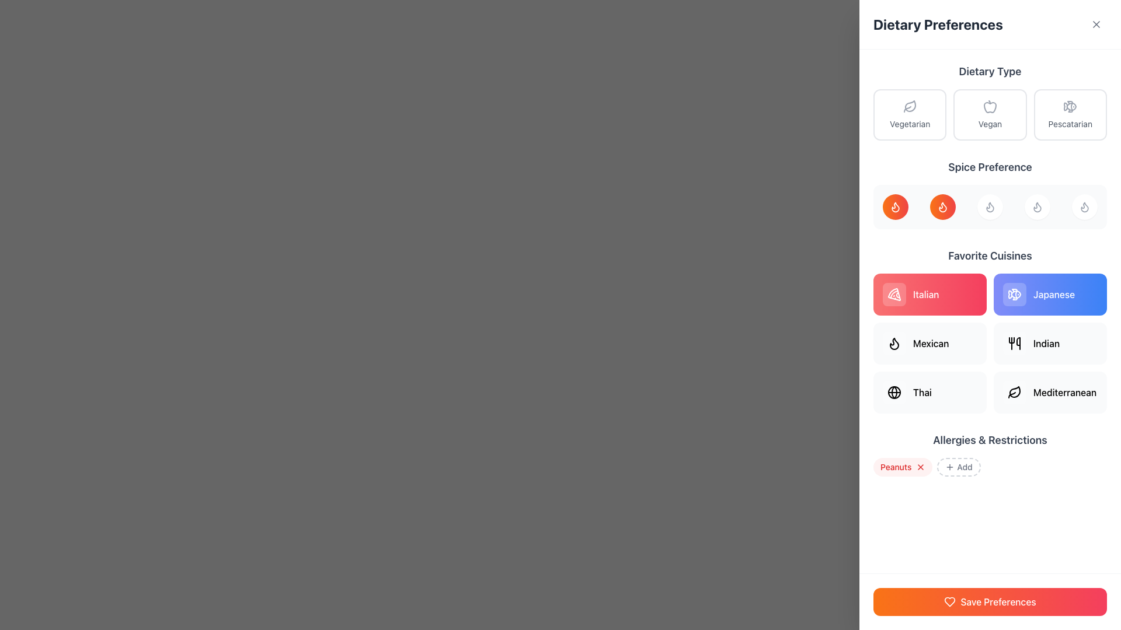 This screenshot has width=1121, height=630. I want to click on the fifth circular button representing spice preference for keyboard navigation, located in the 'Spice Preference' section, so click(1084, 206).